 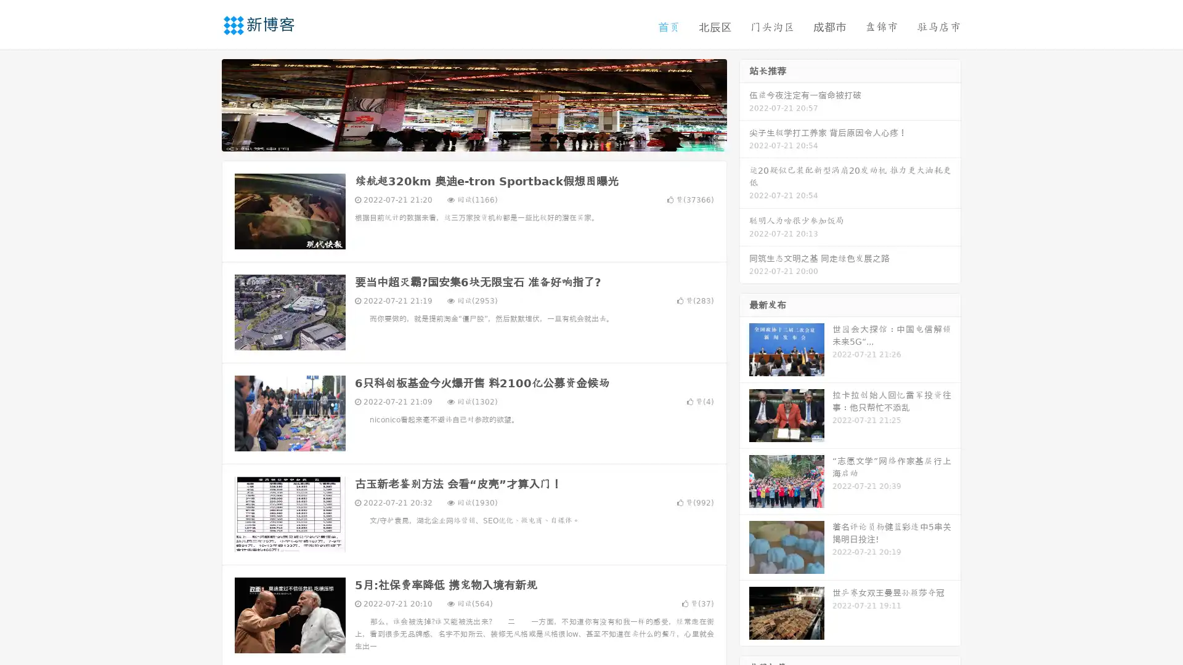 I want to click on Next slide, so click(x=744, y=103).